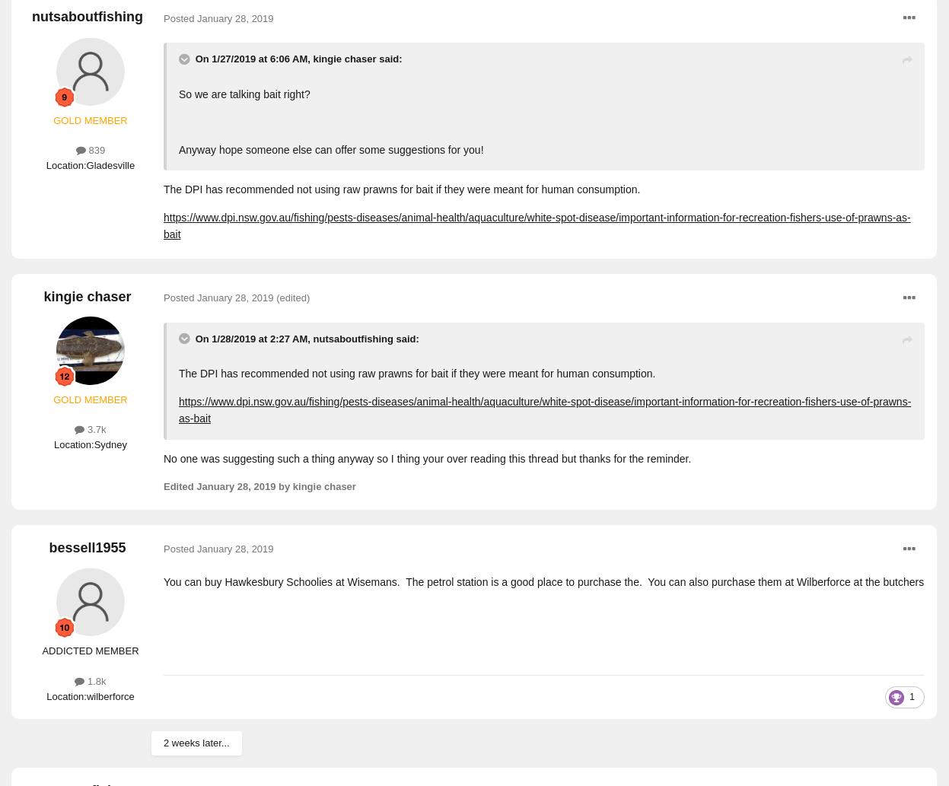 The image size is (949, 786). What do you see at coordinates (90, 651) in the screenshot?
I see `'ADDICTED MEMBER'` at bounding box center [90, 651].